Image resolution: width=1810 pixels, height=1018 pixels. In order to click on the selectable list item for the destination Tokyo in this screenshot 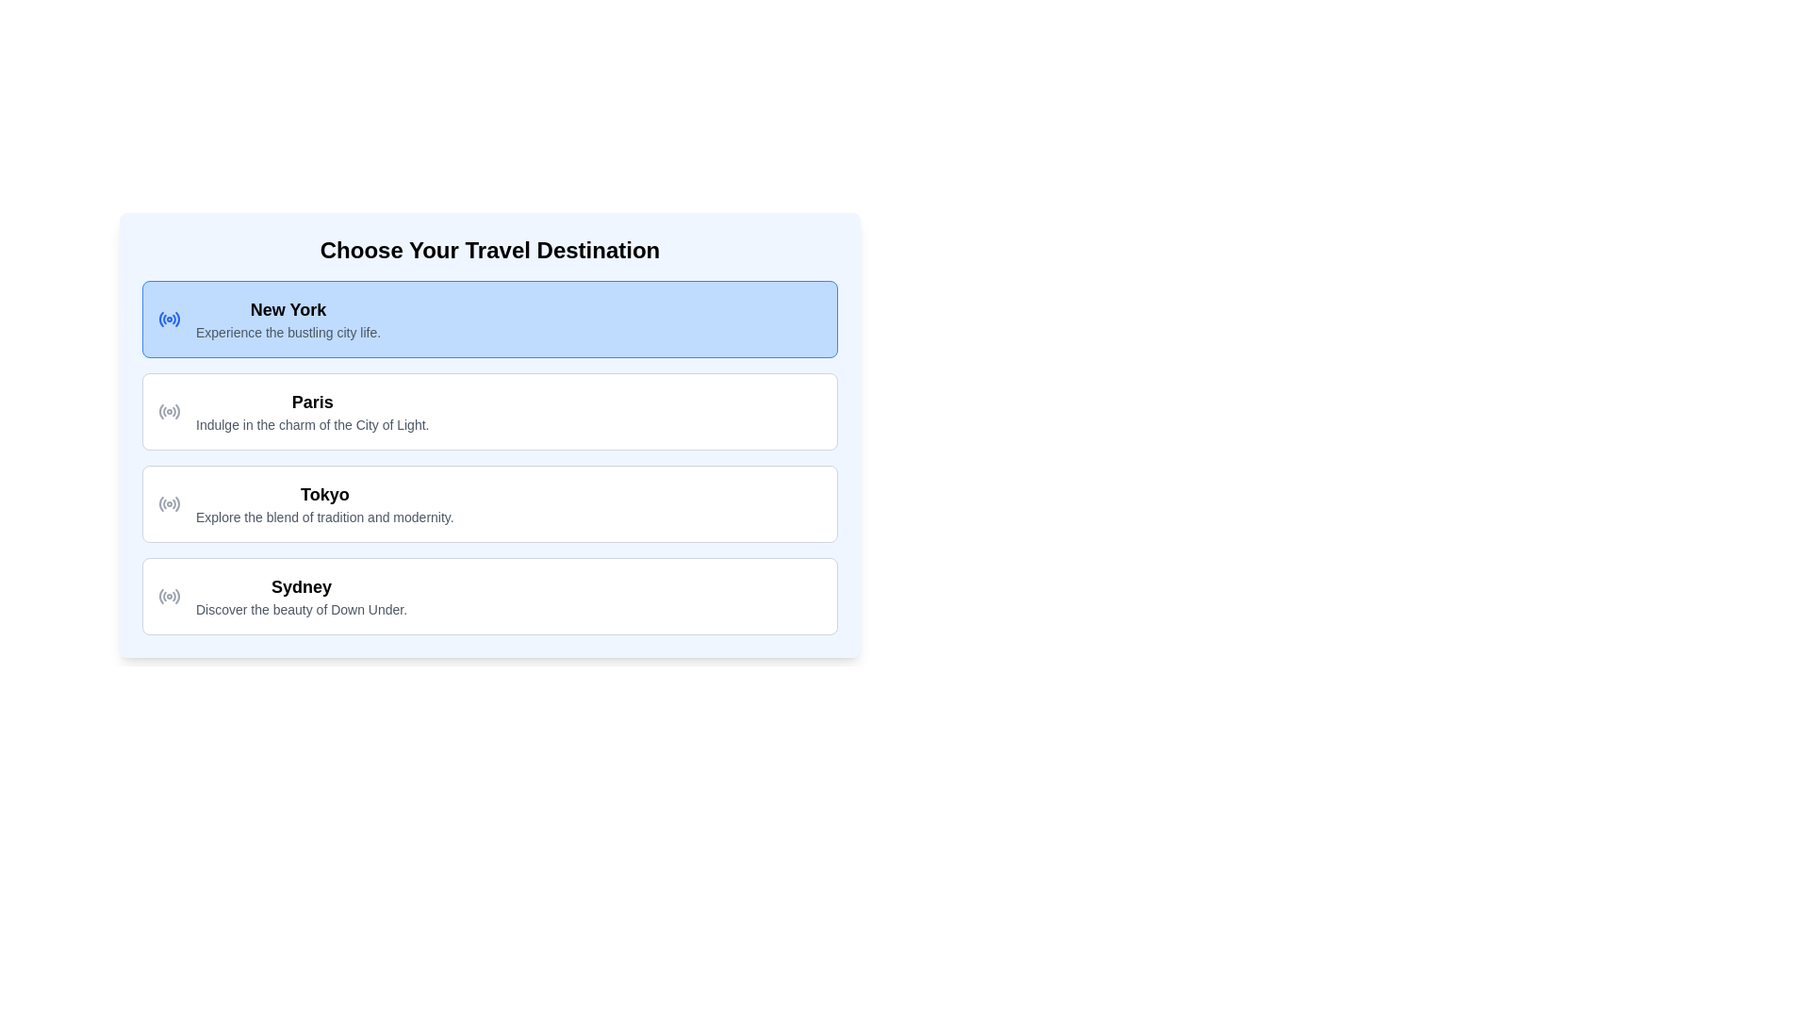, I will do `click(489, 503)`.